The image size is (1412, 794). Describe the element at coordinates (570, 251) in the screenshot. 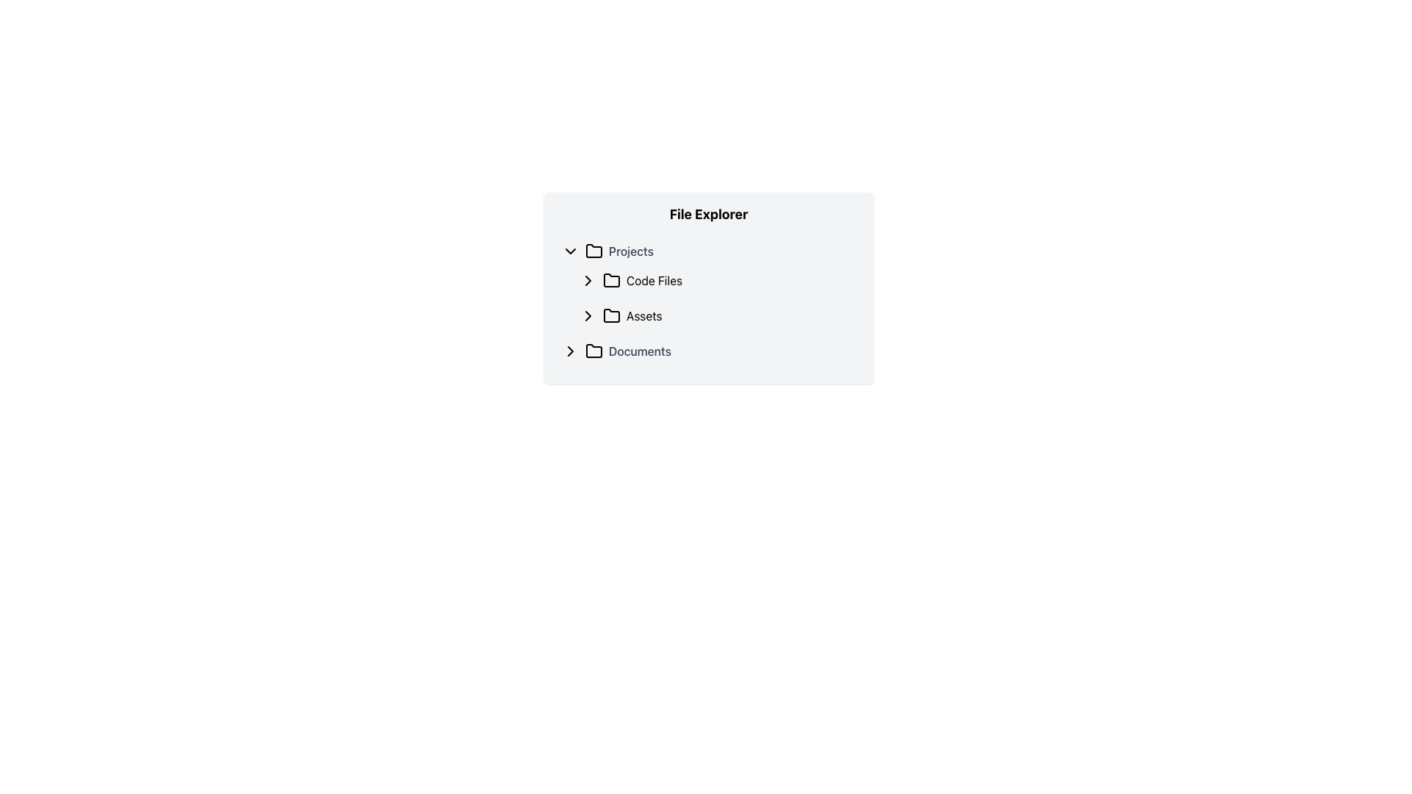

I see `the downward-facing chevron icon next to the 'Projects' folder` at that location.